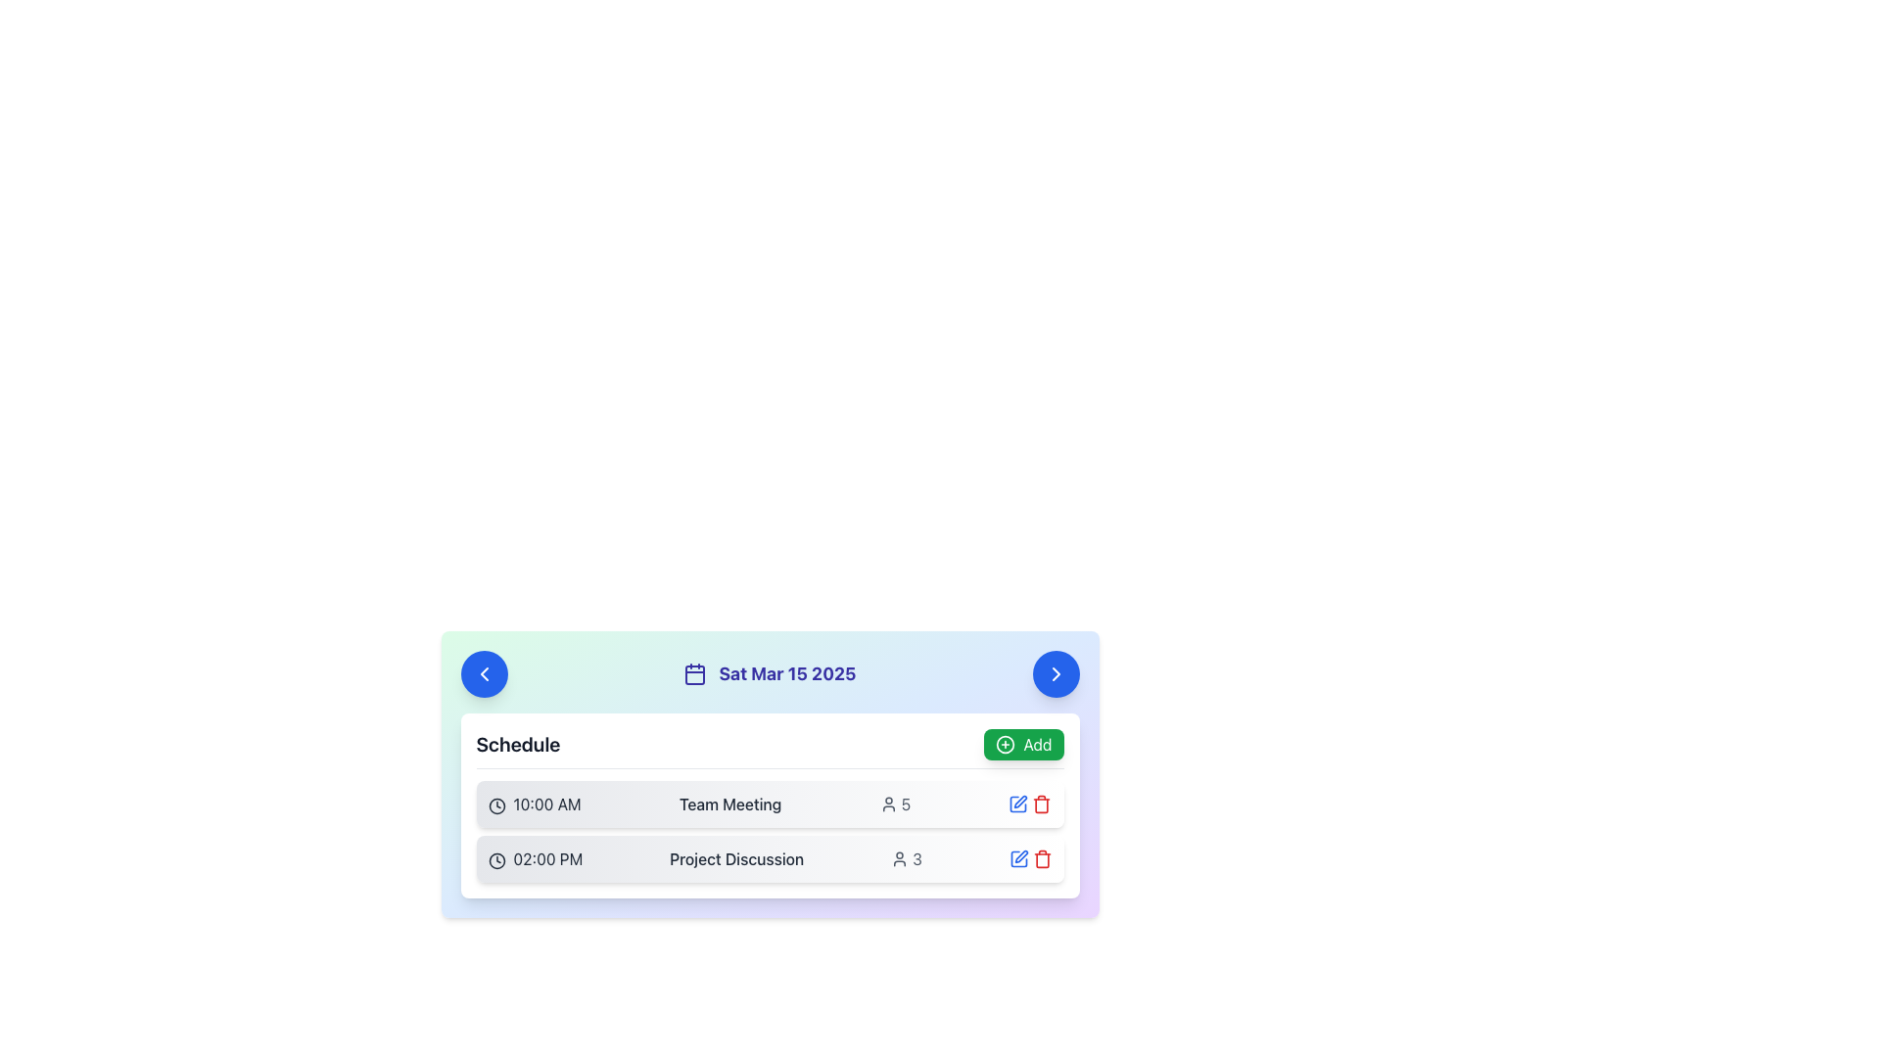 This screenshot has width=1880, height=1057. Describe the element at coordinates (496, 859) in the screenshot. I see `the clock icon located to the left of the text '02:00 PM' in the second row of the schedule list component, which serves as a visual cue for the schedule entry` at that location.